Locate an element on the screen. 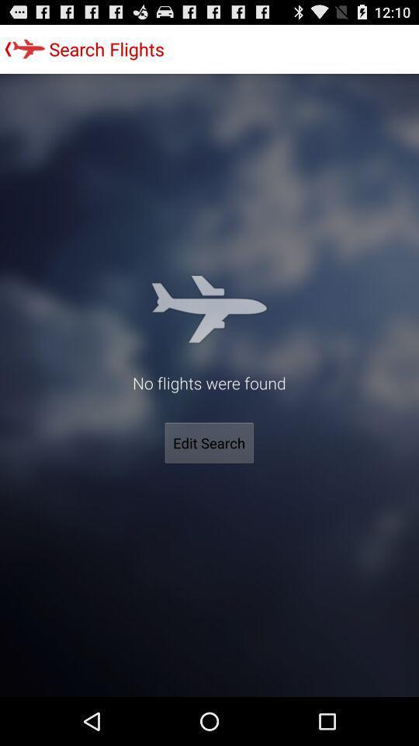 Image resolution: width=419 pixels, height=746 pixels. item below the no flights were is located at coordinates (209, 443).